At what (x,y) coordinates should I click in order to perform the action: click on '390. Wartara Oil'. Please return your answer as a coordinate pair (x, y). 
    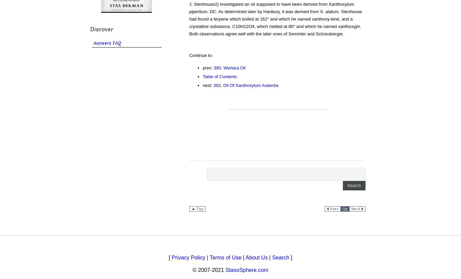
    Looking at the image, I should click on (229, 67).